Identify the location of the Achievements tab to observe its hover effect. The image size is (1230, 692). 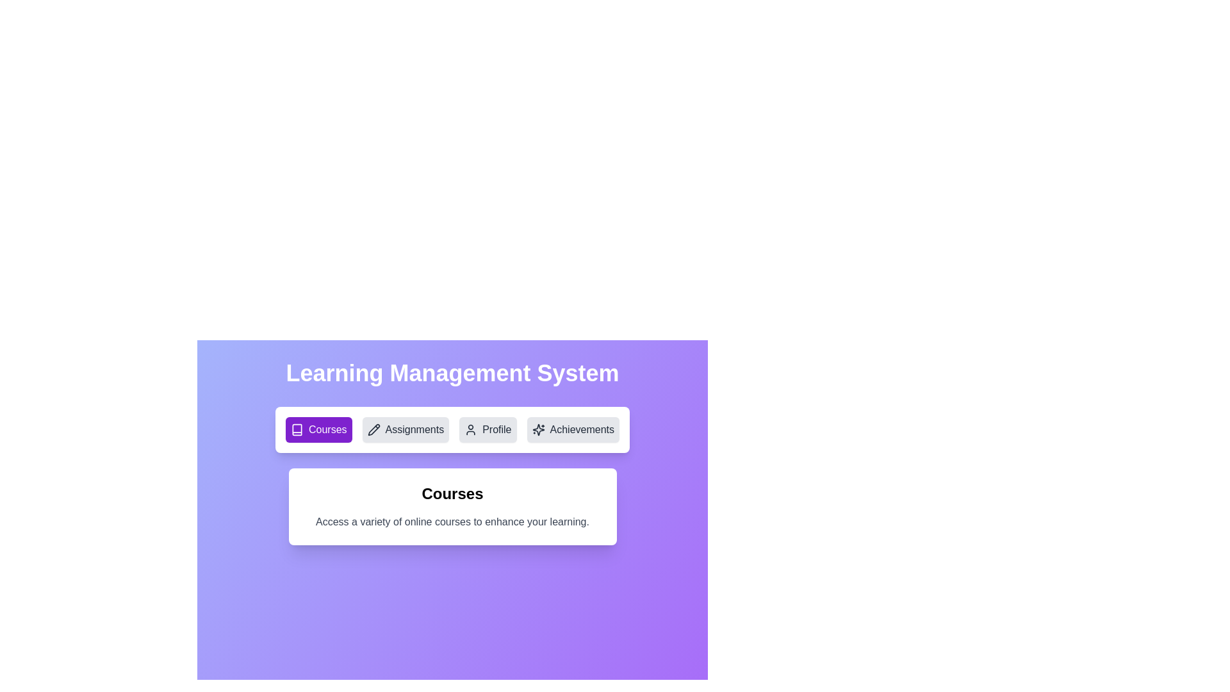
(572, 430).